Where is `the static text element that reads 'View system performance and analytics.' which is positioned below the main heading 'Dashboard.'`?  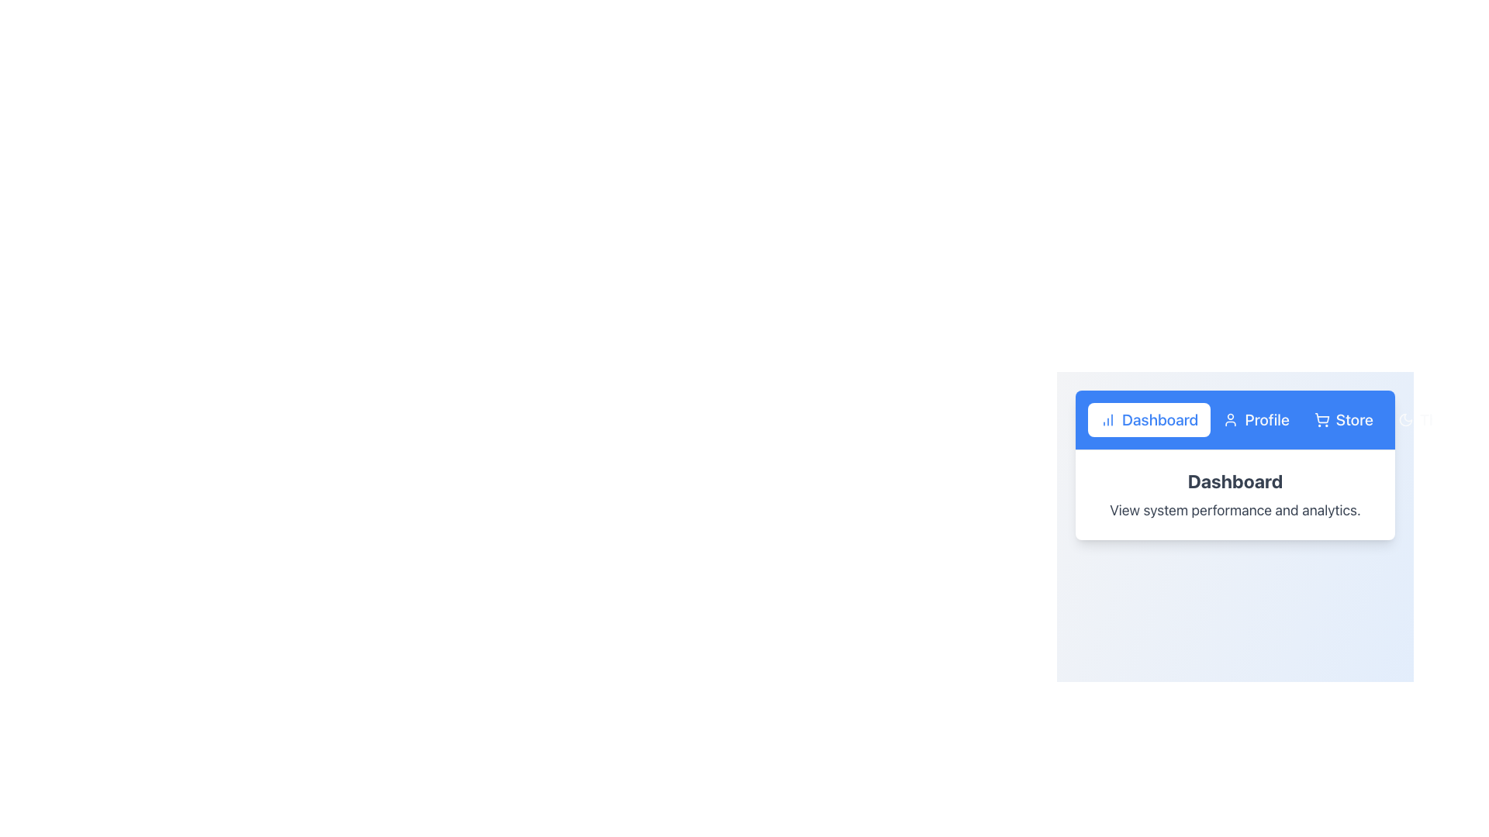
the static text element that reads 'View system performance and analytics.' which is positioned below the main heading 'Dashboard.' is located at coordinates (1235, 511).